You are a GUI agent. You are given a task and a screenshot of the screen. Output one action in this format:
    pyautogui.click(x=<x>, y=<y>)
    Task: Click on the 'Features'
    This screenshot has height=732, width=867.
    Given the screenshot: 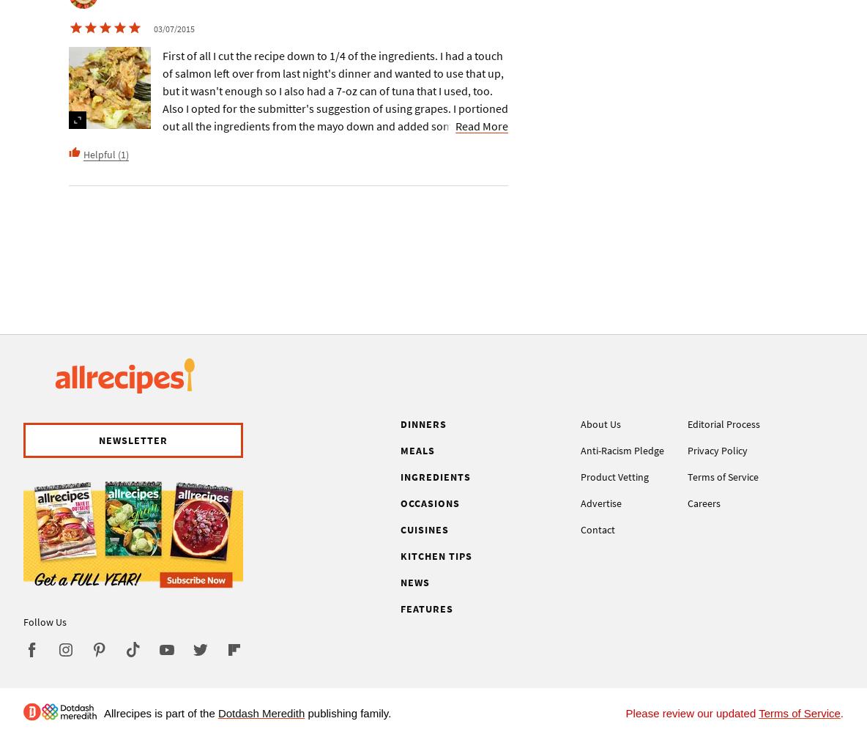 What is the action you would take?
    pyautogui.click(x=401, y=608)
    